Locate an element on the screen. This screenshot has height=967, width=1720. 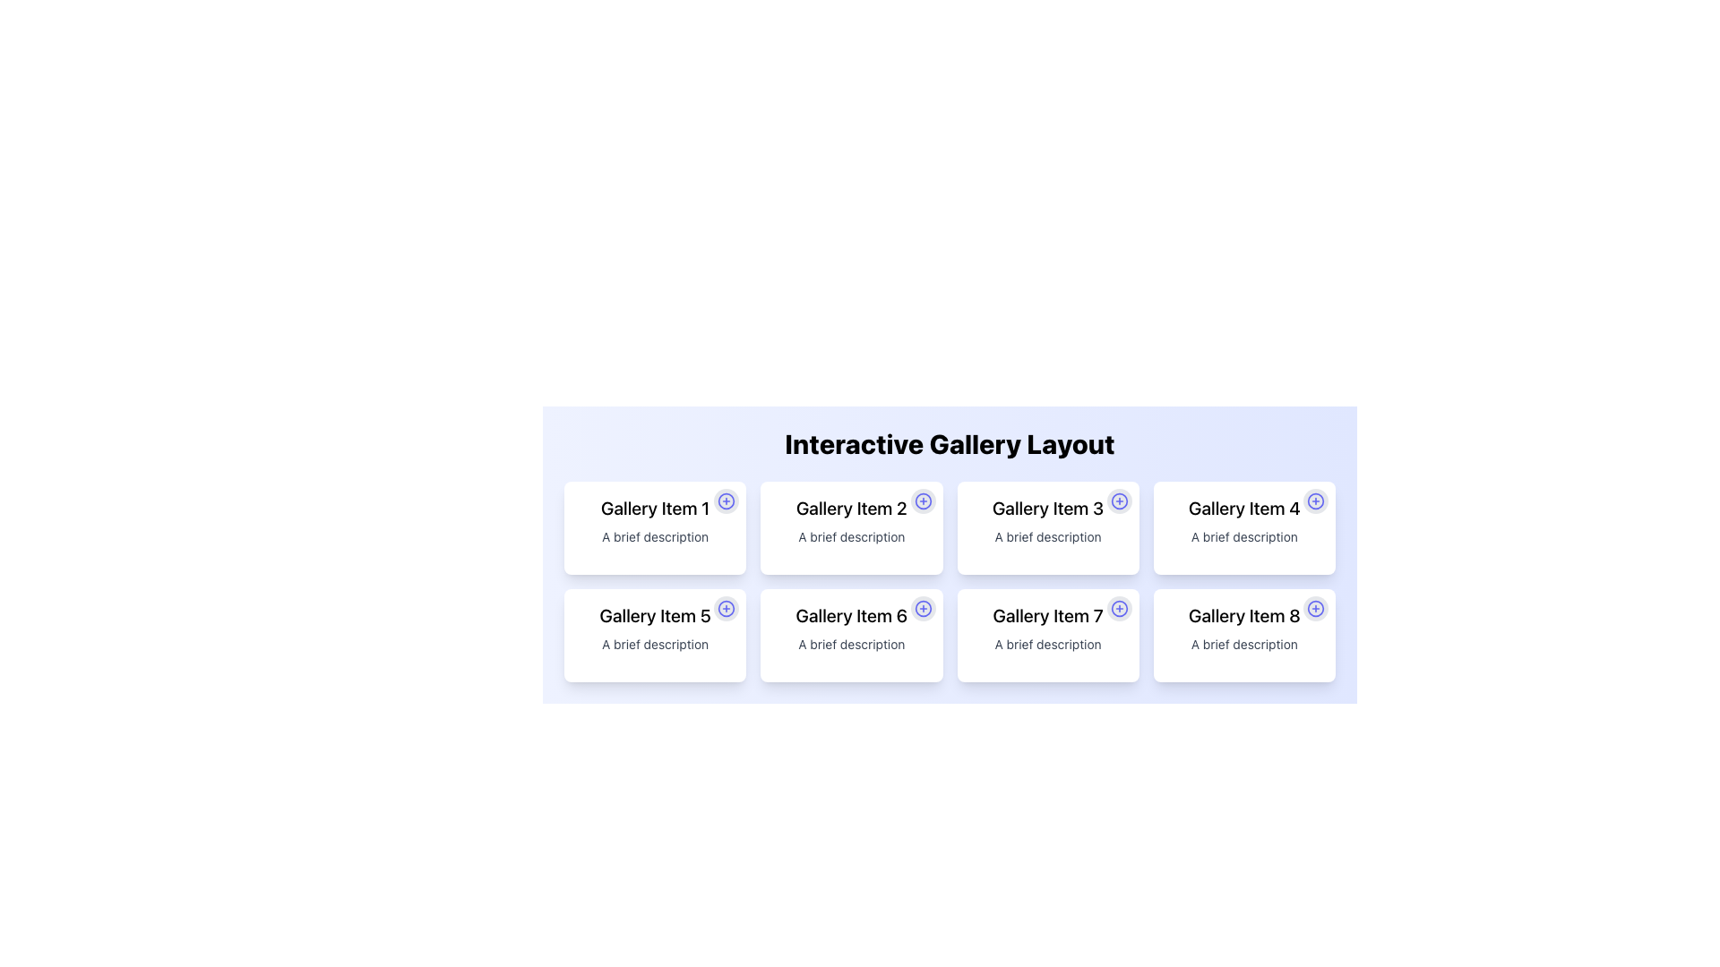
the small circular button with a gray background and a blue plus icon located at the top-right corner of the gallery card labeled 'Gallery Item 2' is located at coordinates (923, 501).